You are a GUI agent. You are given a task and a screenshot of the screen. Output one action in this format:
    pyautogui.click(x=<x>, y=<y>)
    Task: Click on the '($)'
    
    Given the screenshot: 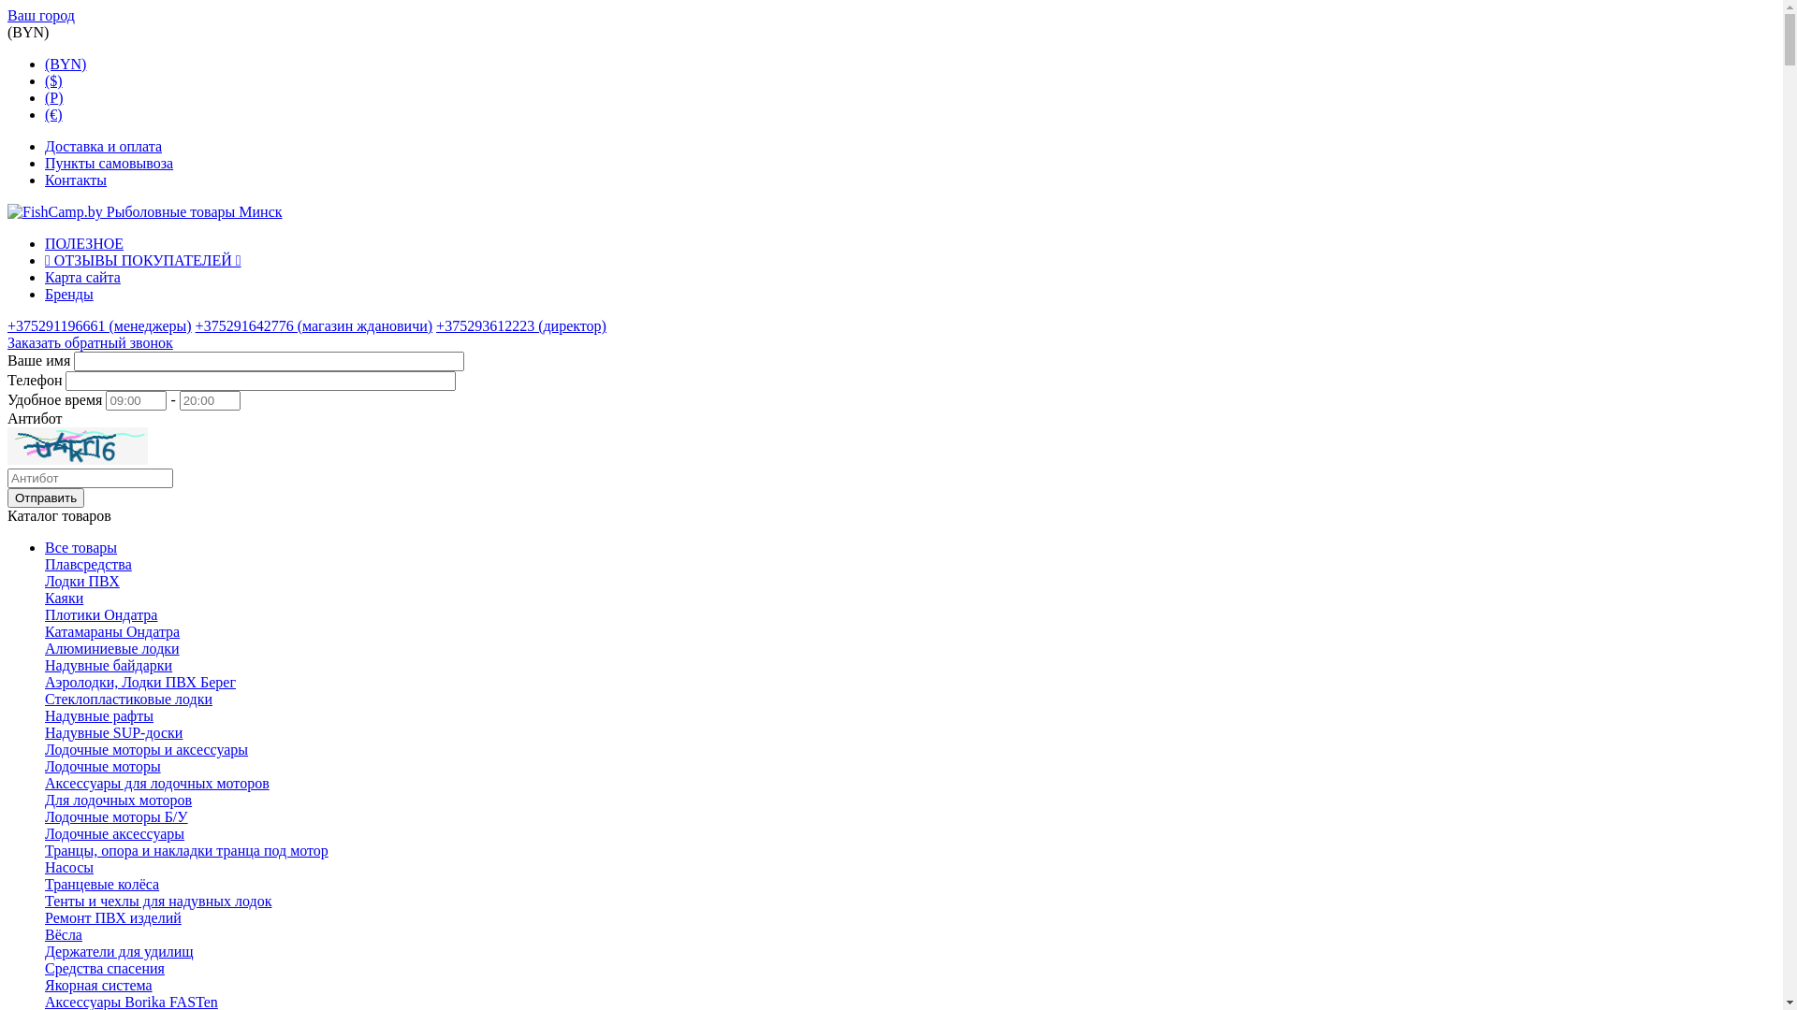 What is the action you would take?
    pyautogui.click(x=53, y=79)
    